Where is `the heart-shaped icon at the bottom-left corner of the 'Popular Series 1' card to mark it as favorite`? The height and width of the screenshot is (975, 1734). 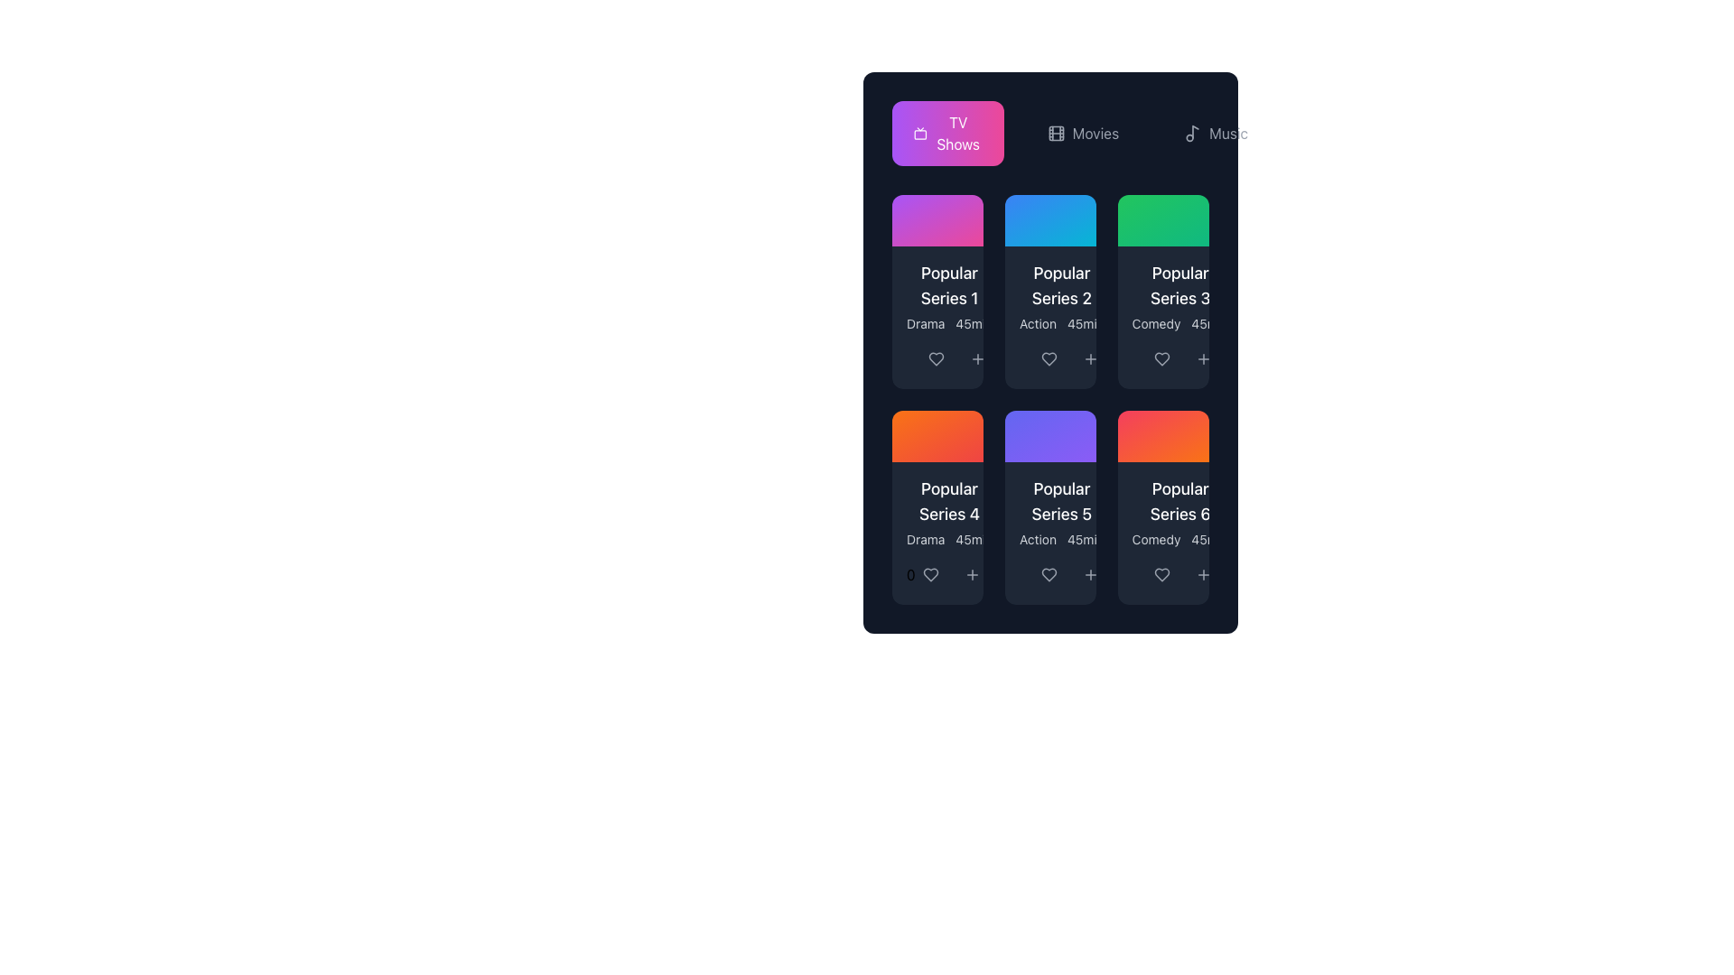 the heart-shaped icon at the bottom-left corner of the 'Popular Series 1' card to mark it as favorite is located at coordinates (936, 358).